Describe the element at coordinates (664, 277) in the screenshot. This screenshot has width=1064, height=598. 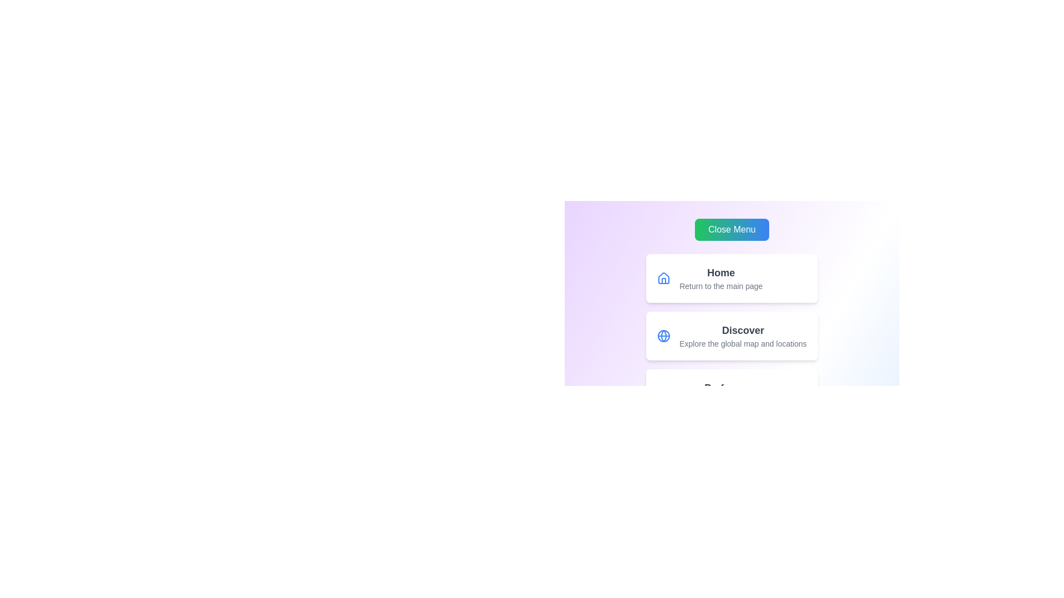
I see `the icon of the menu item labeled Home` at that location.